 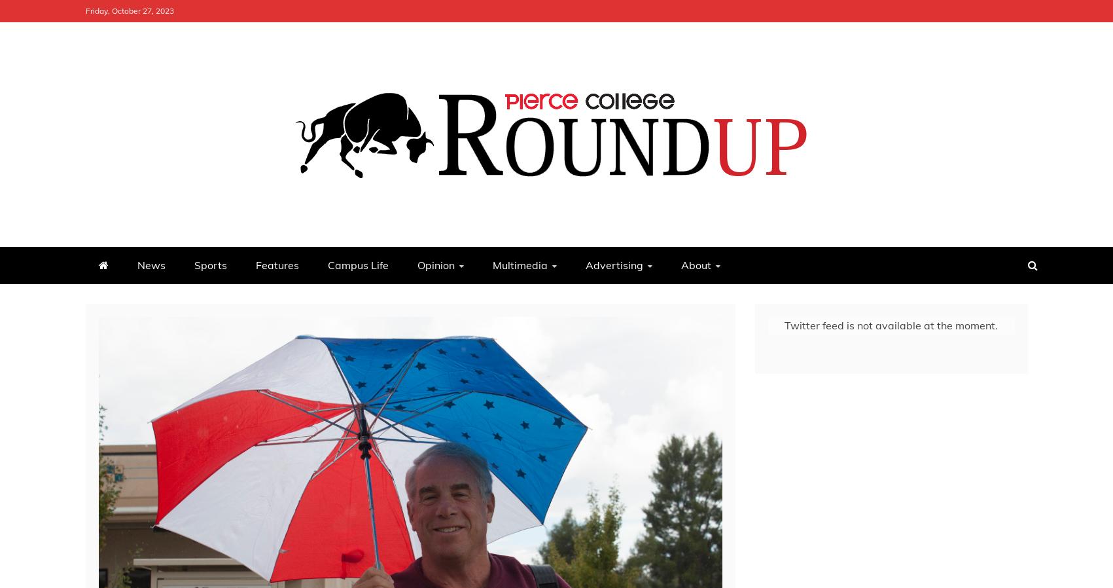 I want to click on 'Twitter feed is not available at the moment.', so click(x=890, y=323).